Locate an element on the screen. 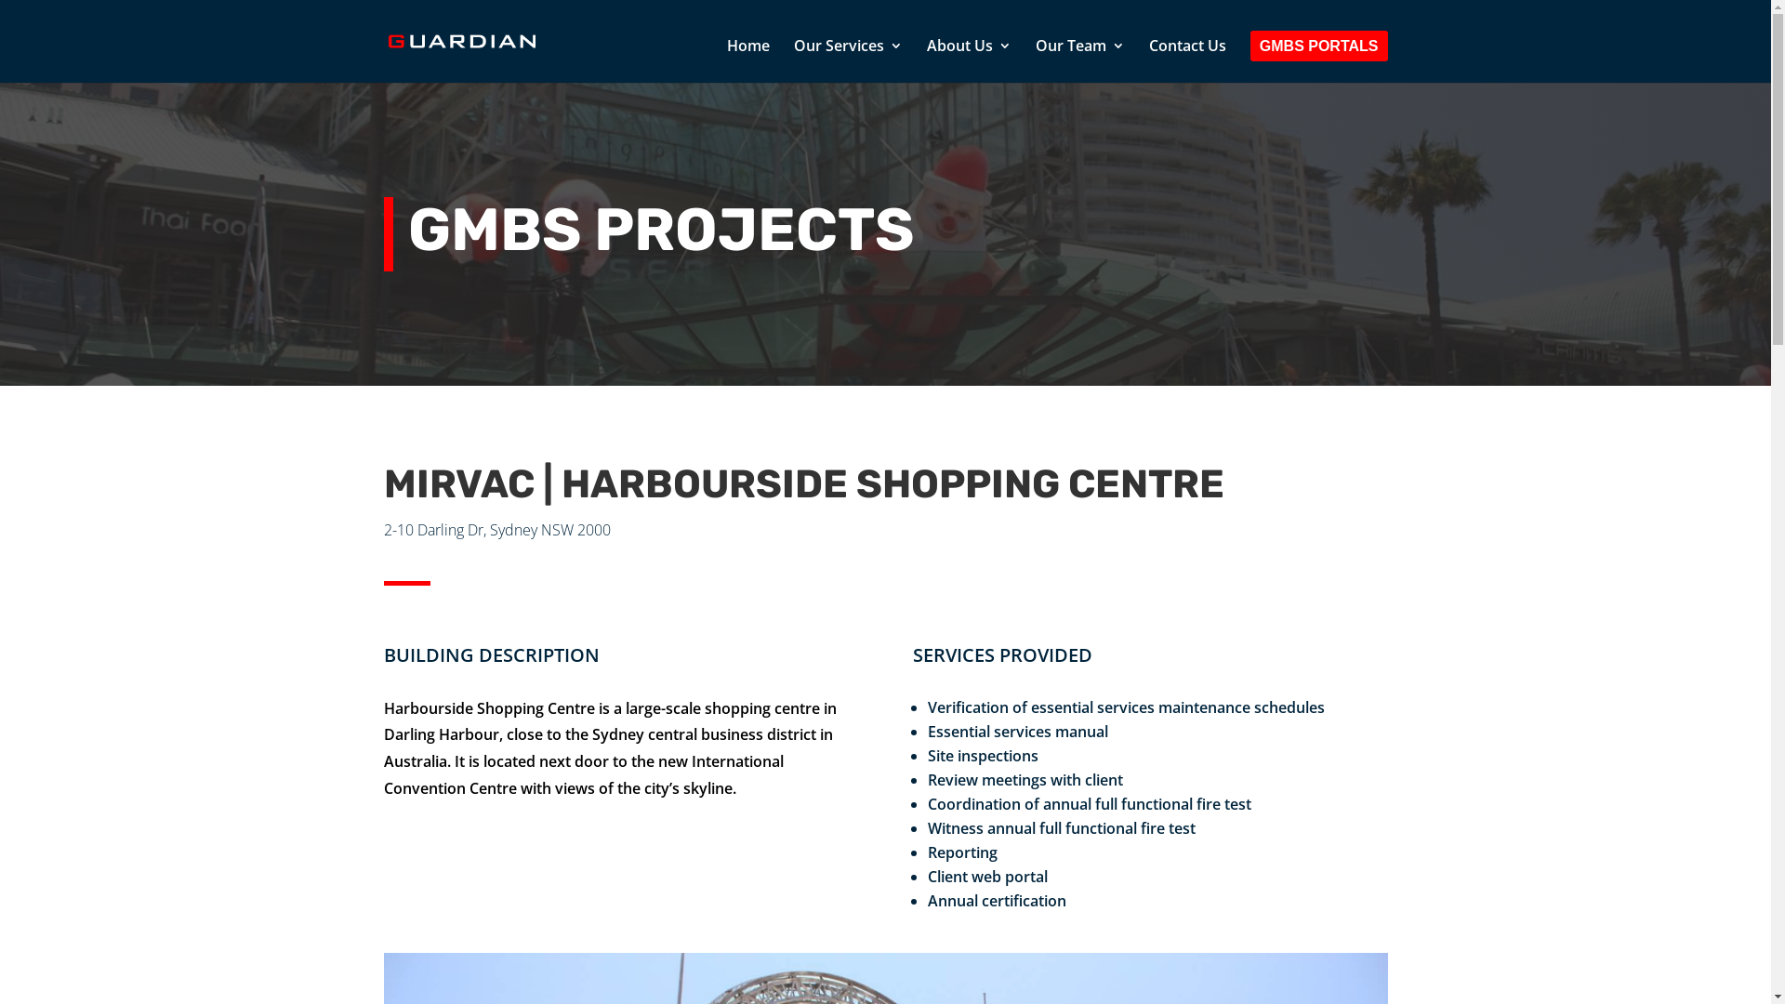 The image size is (1785, 1004). 'GMBS PORTALS' is located at coordinates (1318, 60).